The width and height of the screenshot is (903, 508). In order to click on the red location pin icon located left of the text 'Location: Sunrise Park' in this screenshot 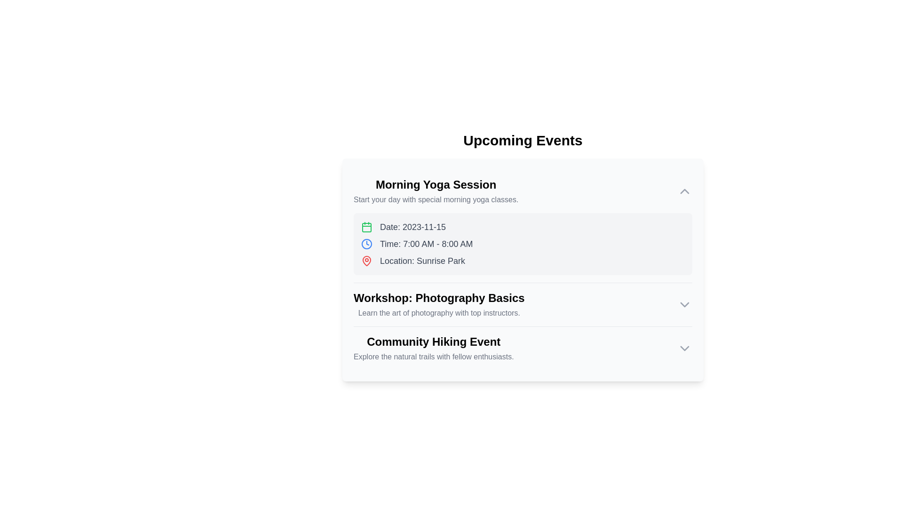, I will do `click(366, 261)`.